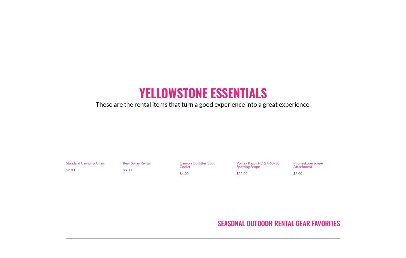 This screenshot has height=258, width=406. Describe the element at coordinates (203, 104) in the screenshot. I see `'These are the rental items that turn a good experience into a great experience.'` at that location.